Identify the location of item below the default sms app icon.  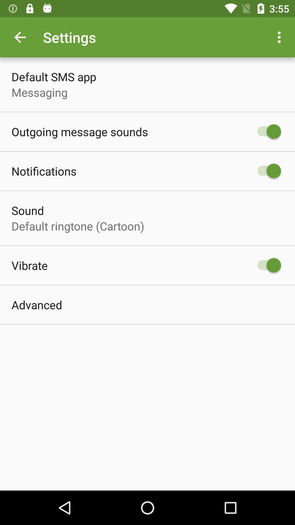
(39, 92).